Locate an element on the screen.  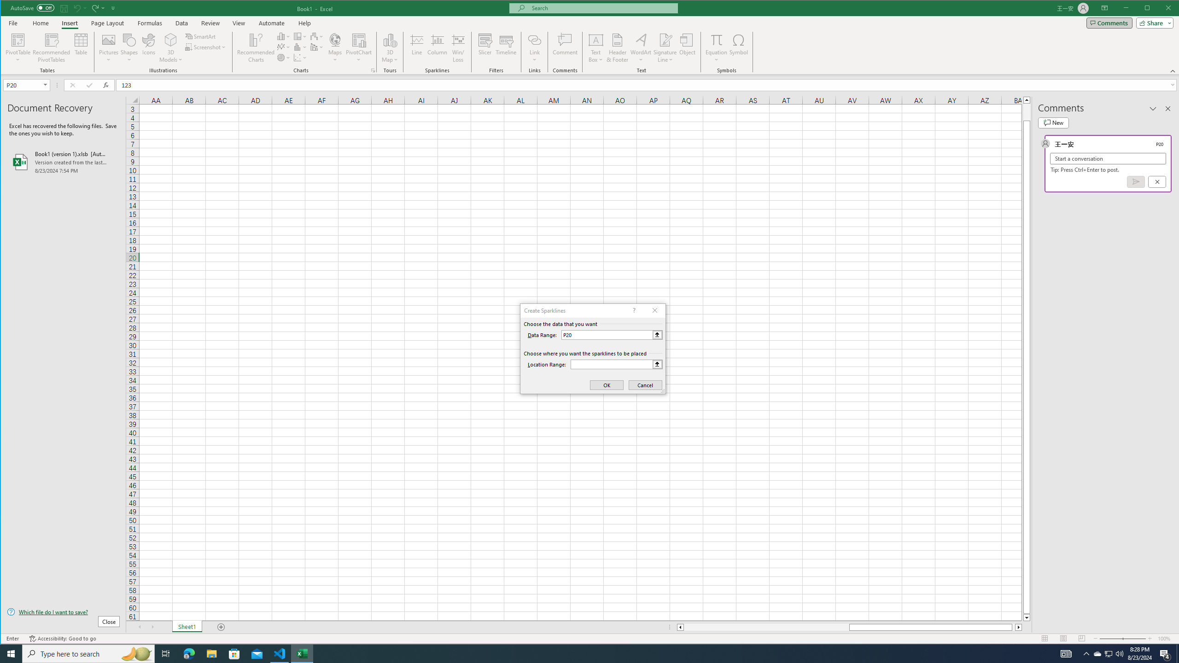
'Symbol...' is located at coordinates (739, 47).